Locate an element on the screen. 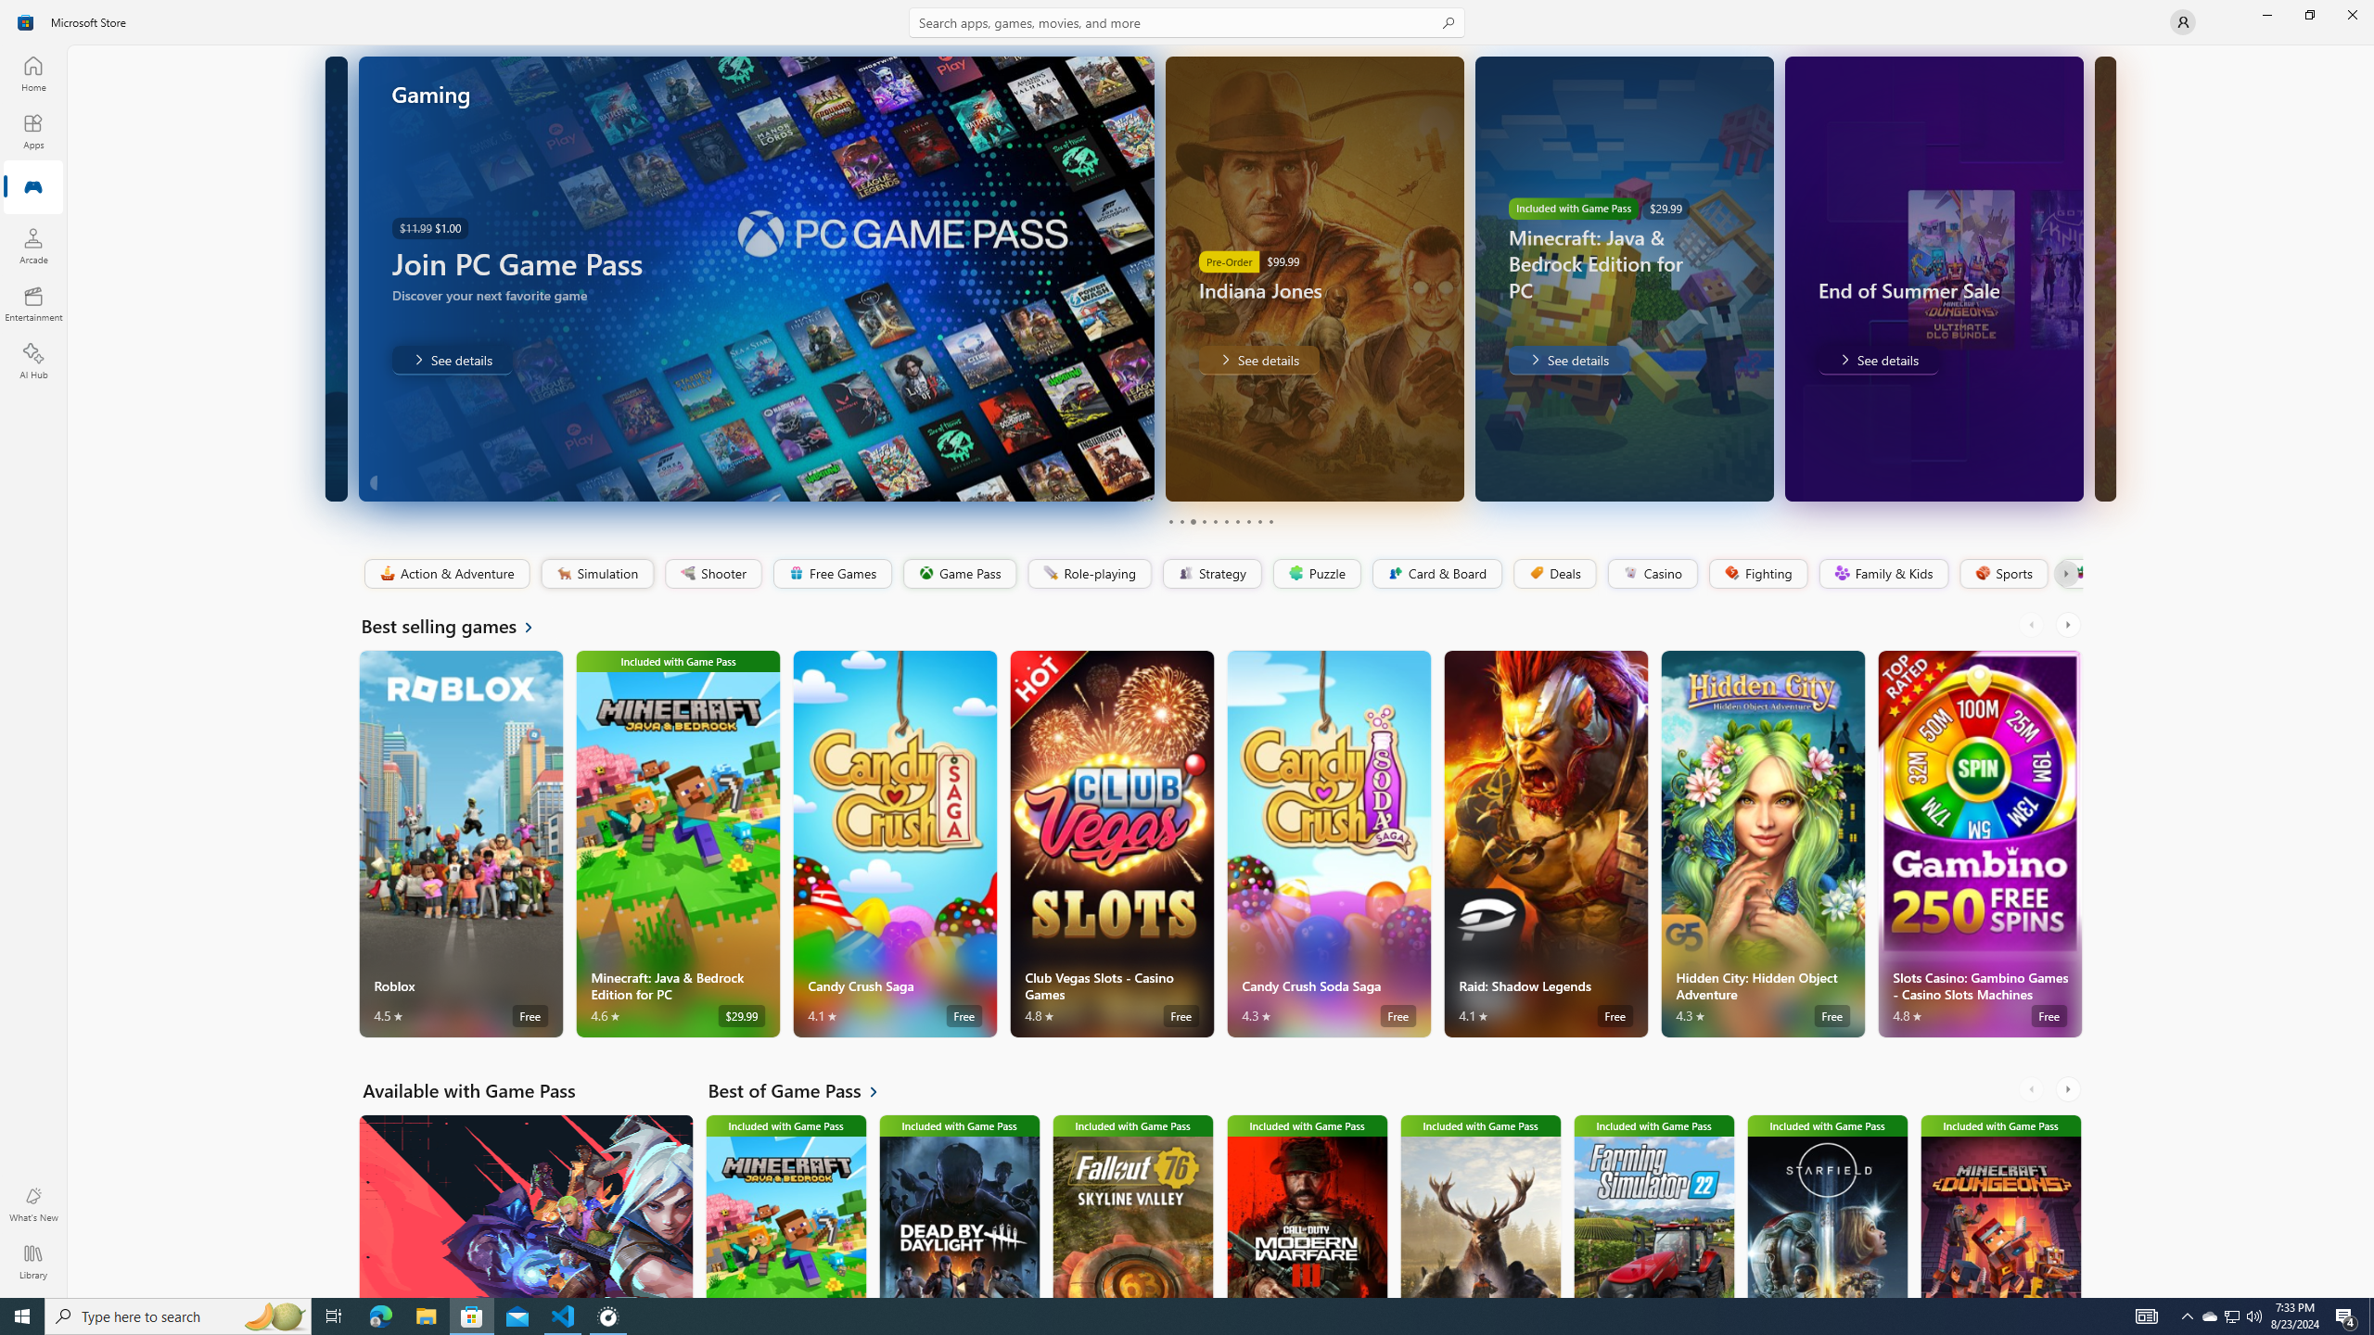 The width and height of the screenshot is (2374, 1335). 'Page 4' is located at coordinates (1202, 521).